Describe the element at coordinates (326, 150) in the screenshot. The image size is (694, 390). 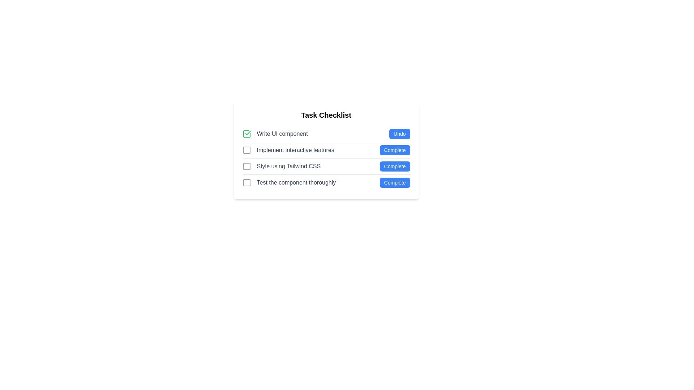
I see `the Checklist task item labeled 'Implement interactive features' which contains the button 'Complete'` at that location.